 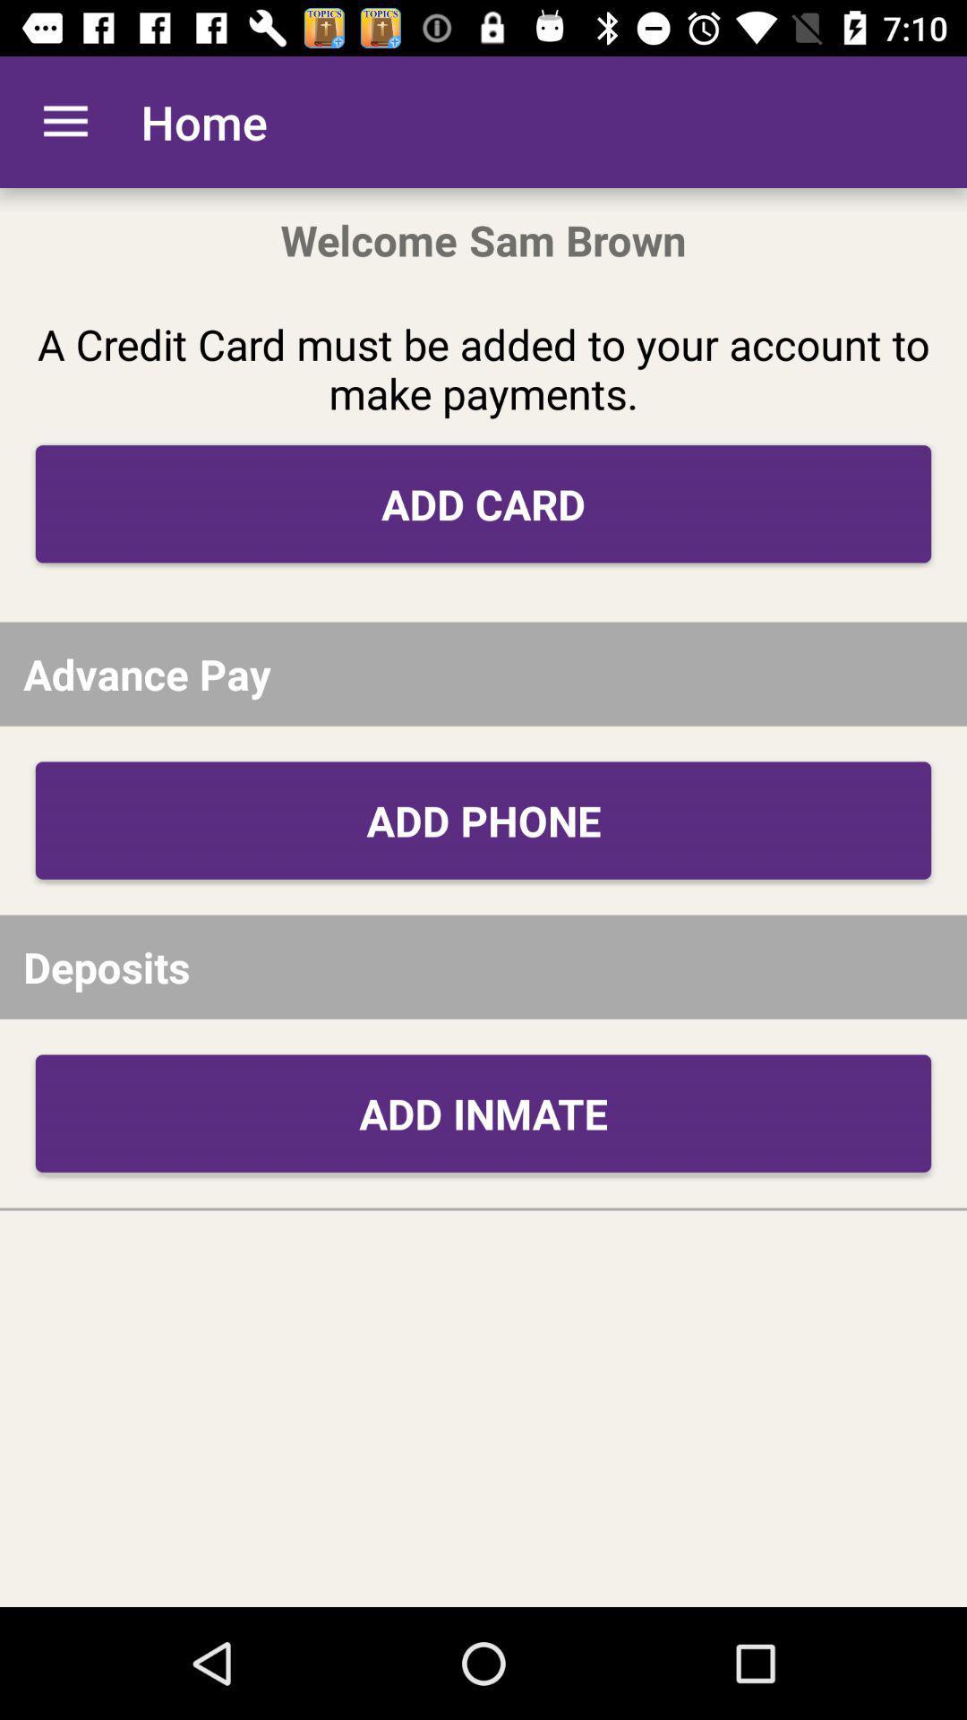 I want to click on the item to the left of the home icon, so click(x=64, y=121).